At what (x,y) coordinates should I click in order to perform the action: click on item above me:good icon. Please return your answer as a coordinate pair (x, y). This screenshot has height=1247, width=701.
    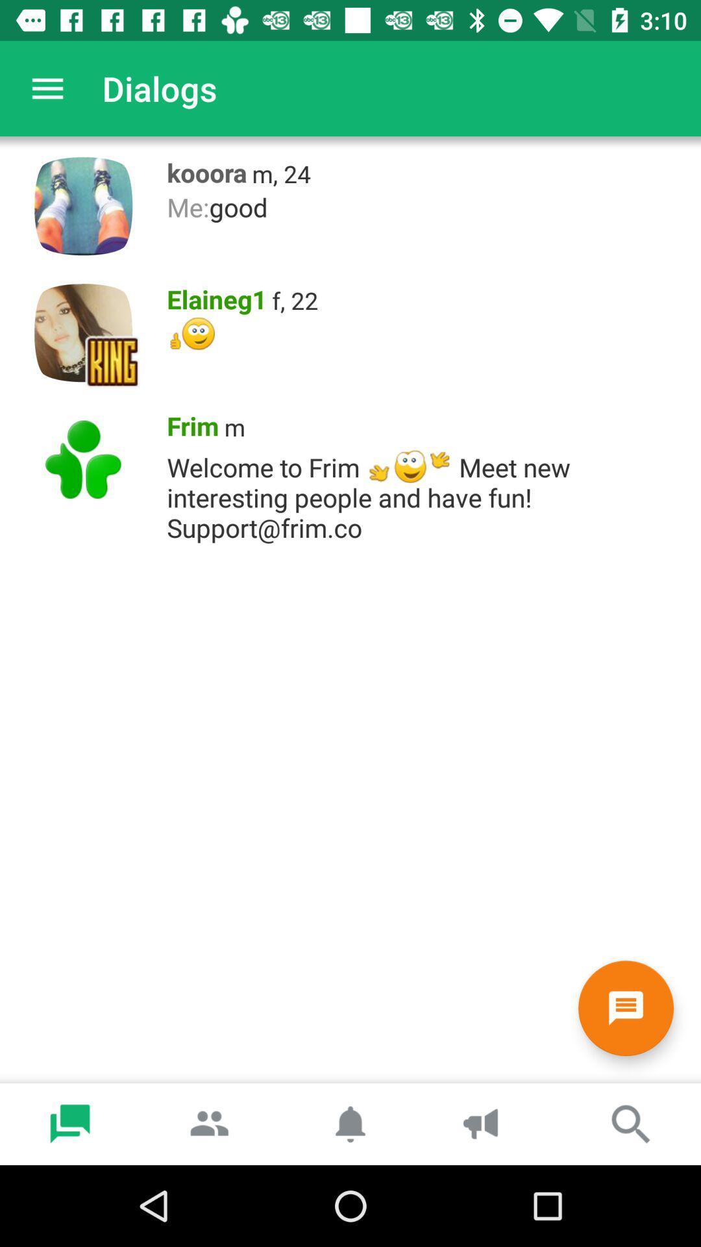
    Looking at the image, I should click on (280, 173).